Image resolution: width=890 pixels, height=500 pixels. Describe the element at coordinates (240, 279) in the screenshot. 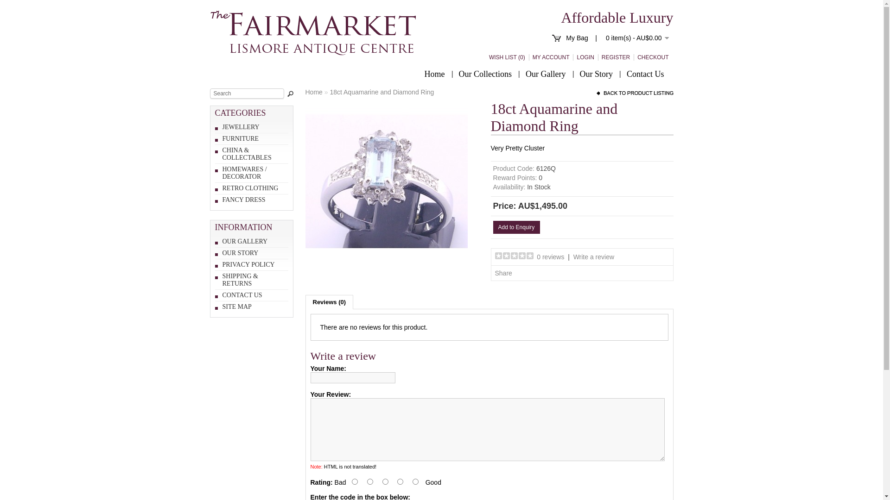

I see `'SHIPPING & RETURNS'` at that location.